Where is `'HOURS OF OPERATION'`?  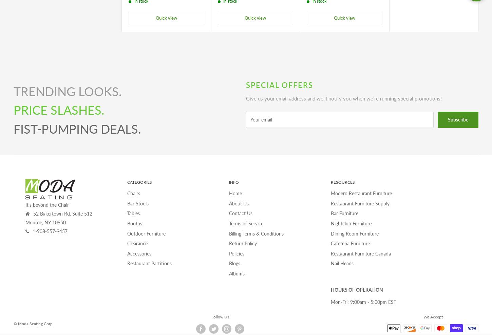 'HOURS OF OPERATION' is located at coordinates (357, 290).